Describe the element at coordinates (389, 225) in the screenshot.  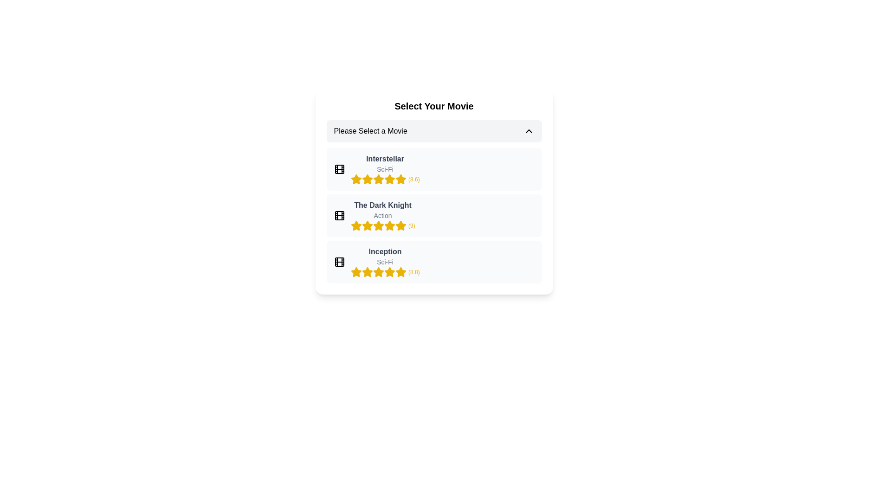
I see `the star-shaped rating icon for 'The Dark Knight', which is the fourth star in a series of five stars, filled with yellow color, indicating a rating` at that location.